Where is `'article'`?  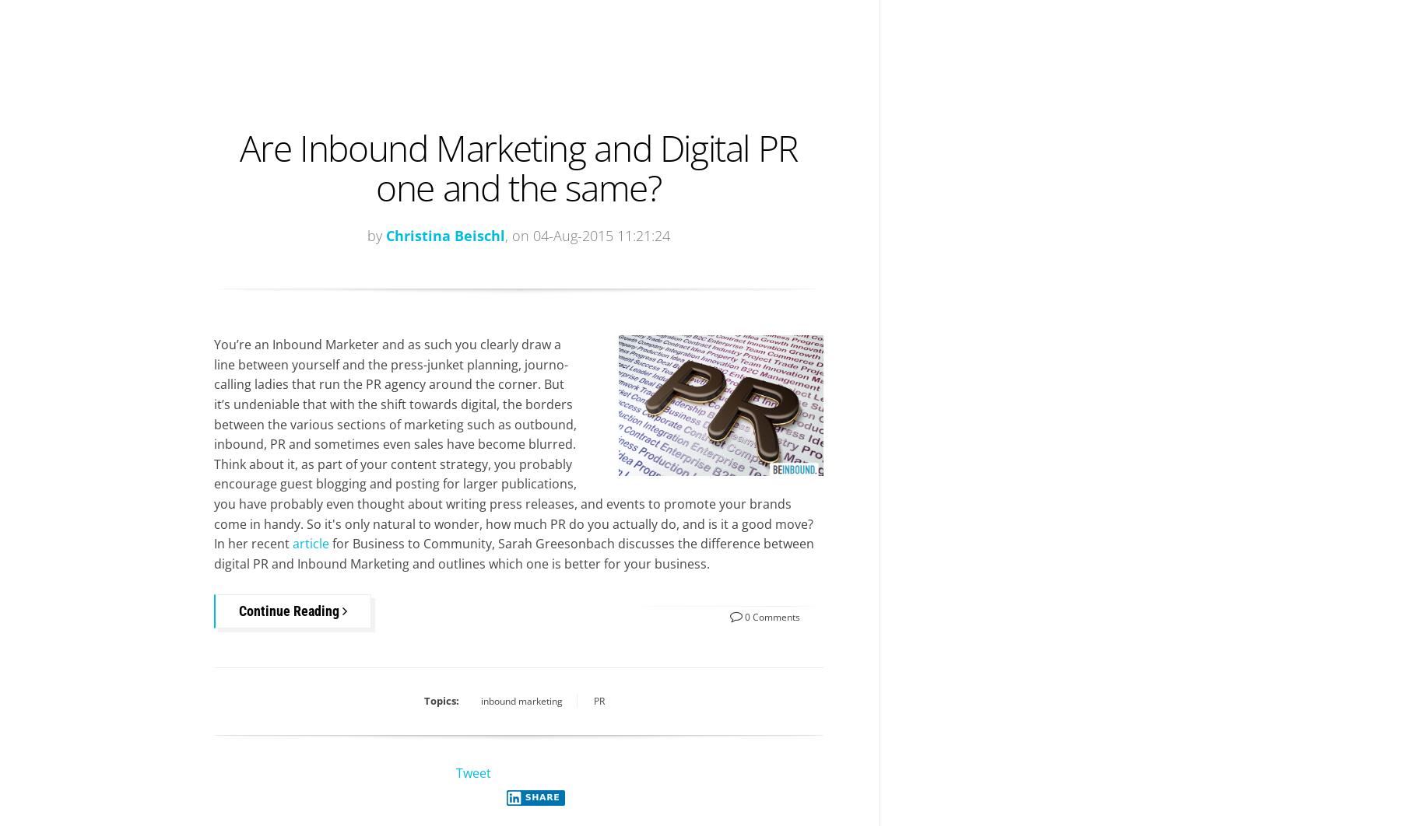 'article' is located at coordinates (311, 544).